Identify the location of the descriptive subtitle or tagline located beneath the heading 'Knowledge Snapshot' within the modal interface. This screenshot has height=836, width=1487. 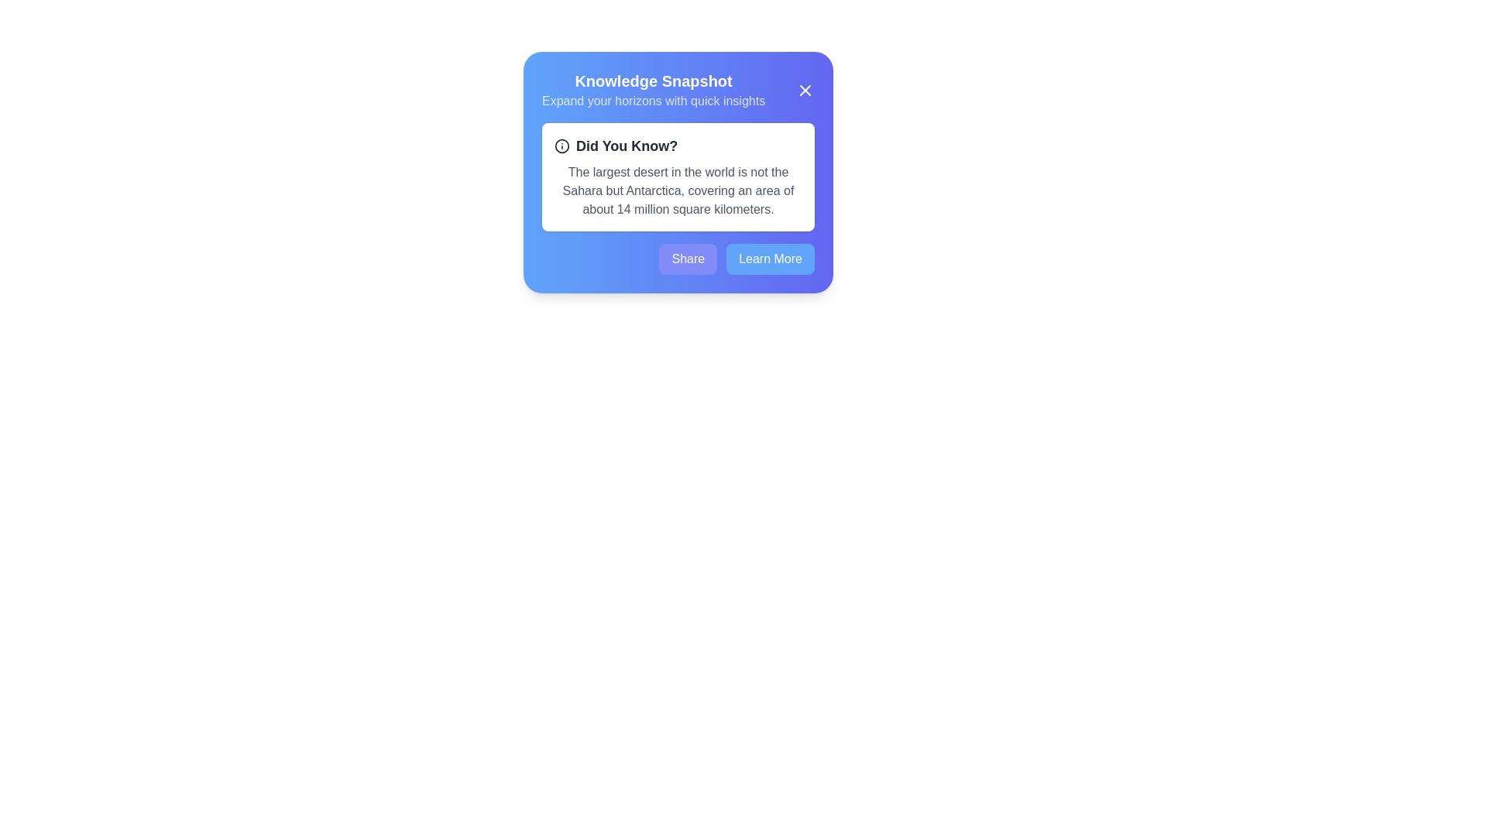
(654, 101).